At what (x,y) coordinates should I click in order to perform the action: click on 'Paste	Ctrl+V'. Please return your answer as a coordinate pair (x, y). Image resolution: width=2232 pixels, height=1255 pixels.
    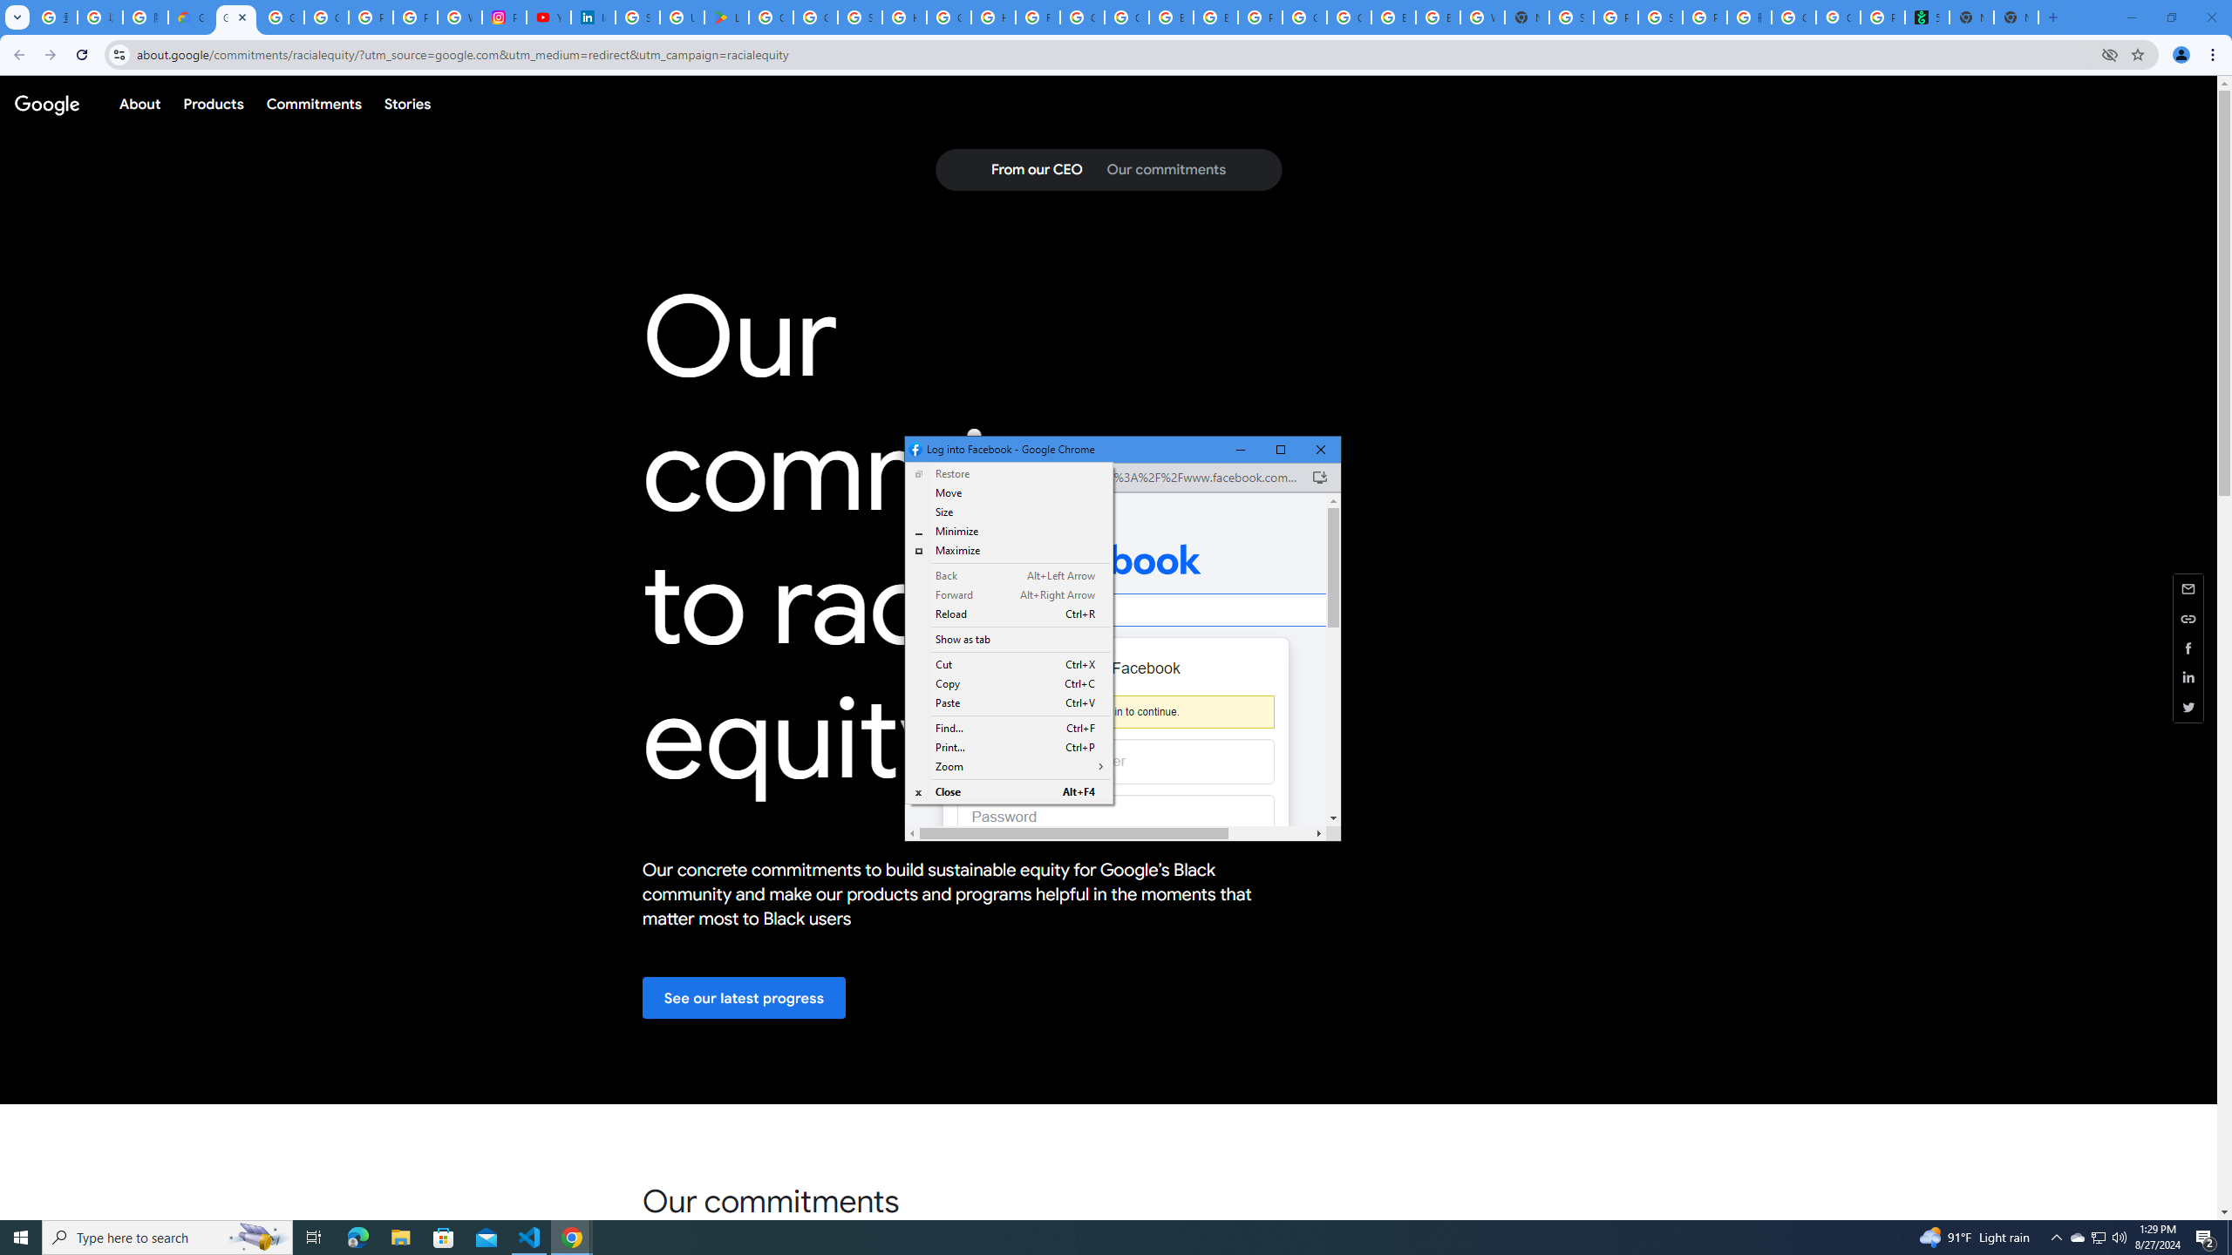
    Looking at the image, I should click on (1009, 703).